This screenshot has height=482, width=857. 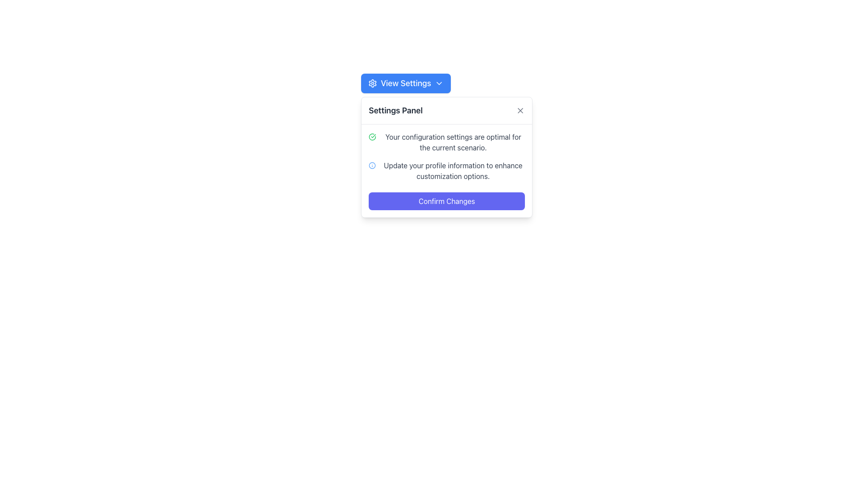 I want to click on the 'Confirm Changes' button with a vibrant indigo background and white text, so click(x=447, y=201).